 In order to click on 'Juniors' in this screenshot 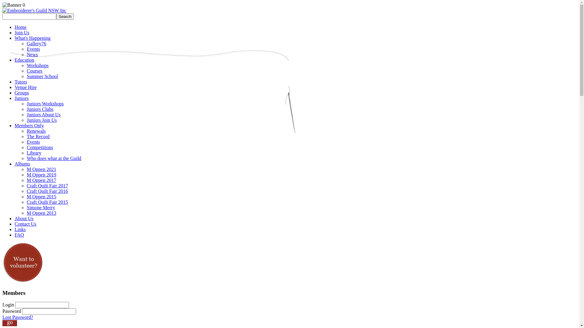, I will do `click(22, 98)`.